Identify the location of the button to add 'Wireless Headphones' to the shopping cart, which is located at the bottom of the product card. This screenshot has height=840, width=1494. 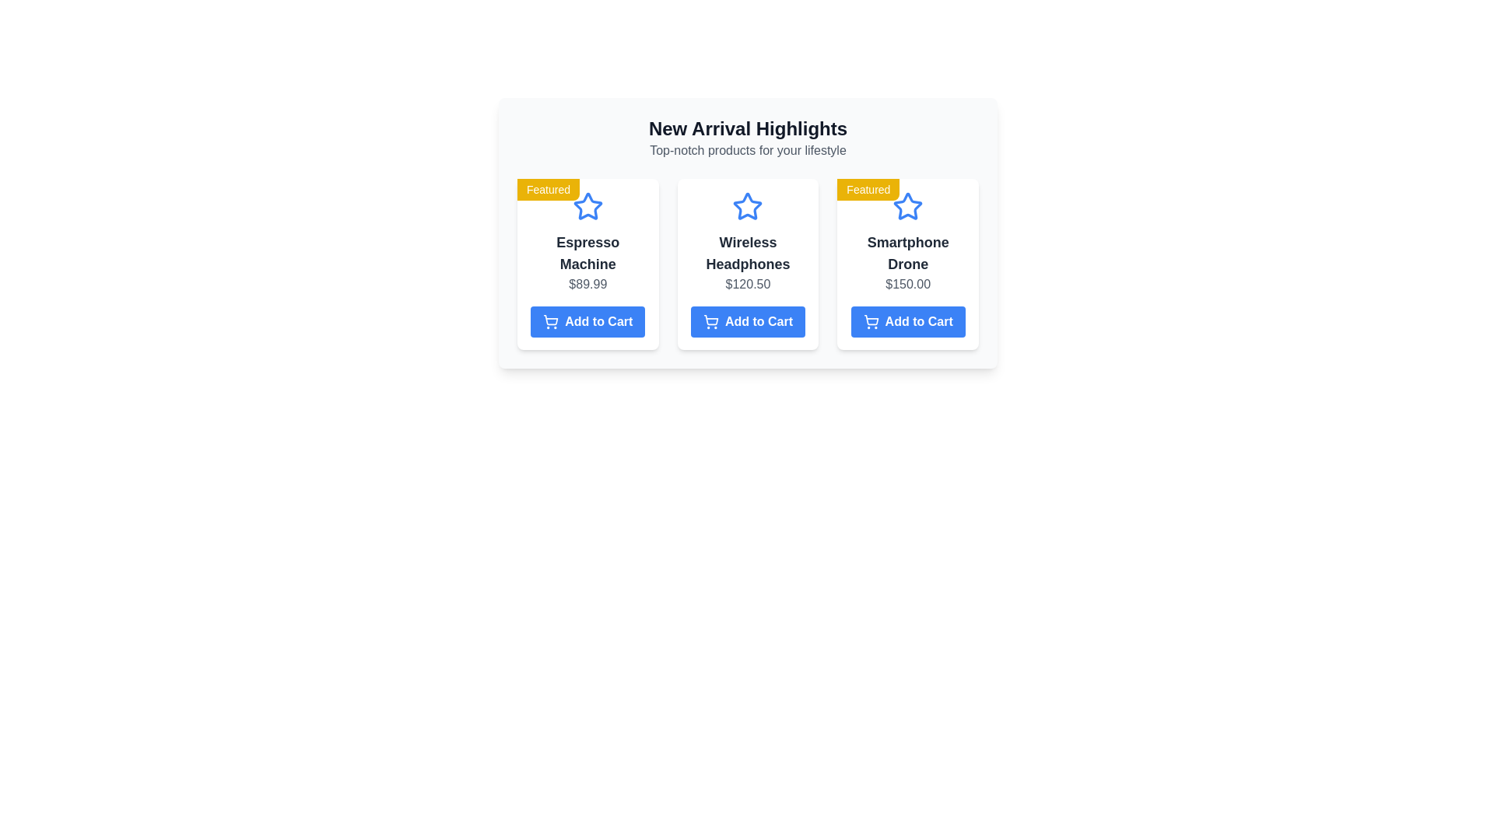
(748, 320).